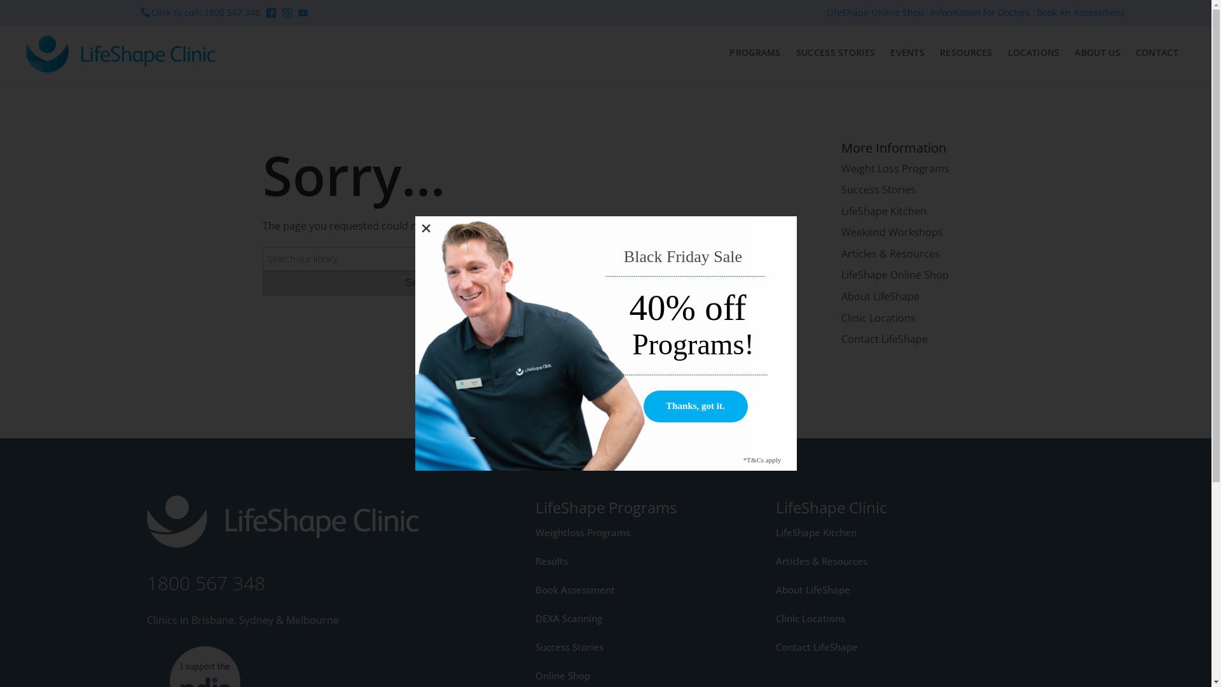 The image size is (1221, 687). What do you see at coordinates (598, 560) in the screenshot?
I see `'Results'` at bounding box center [598, 560].